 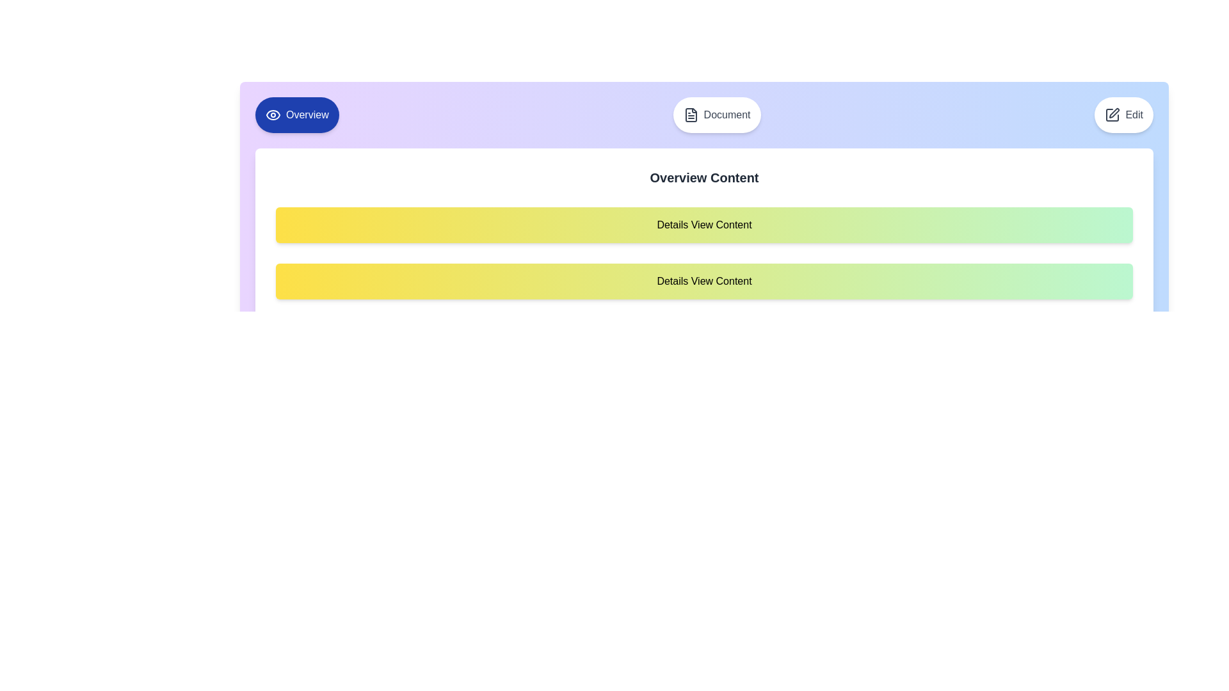 What do you see at coordinates (1123, 115) in the screenshot?
I see `the tab labeled Edit to observe its visual feedback` at bounding box center [1123, 115].